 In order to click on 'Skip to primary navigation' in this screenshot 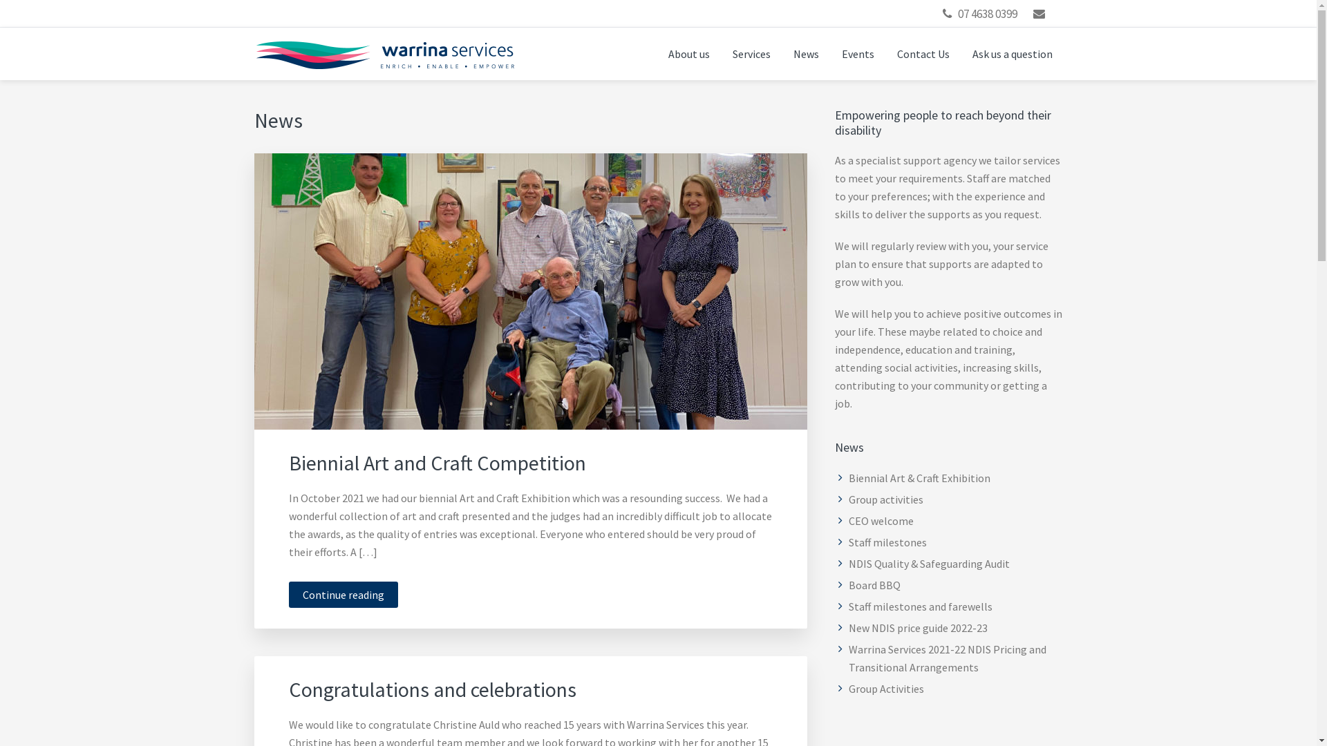, I will do `click(0, 0)`.